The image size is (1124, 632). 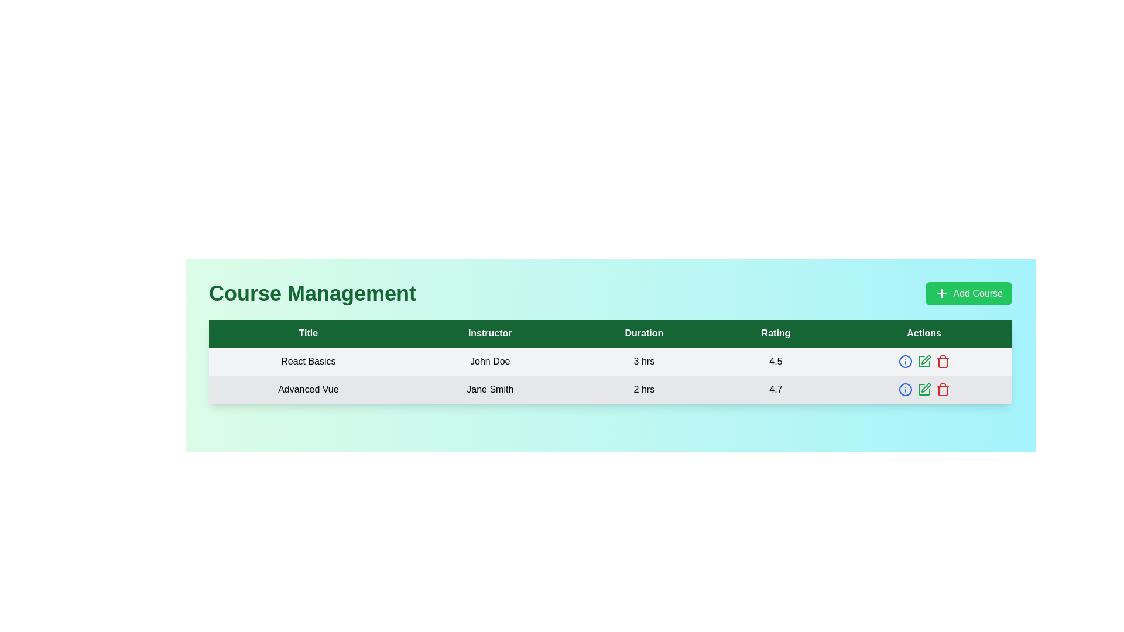 I want to click on the first icon button in the 'Actions' column of the first row of the table, so click(x=904, y=360).